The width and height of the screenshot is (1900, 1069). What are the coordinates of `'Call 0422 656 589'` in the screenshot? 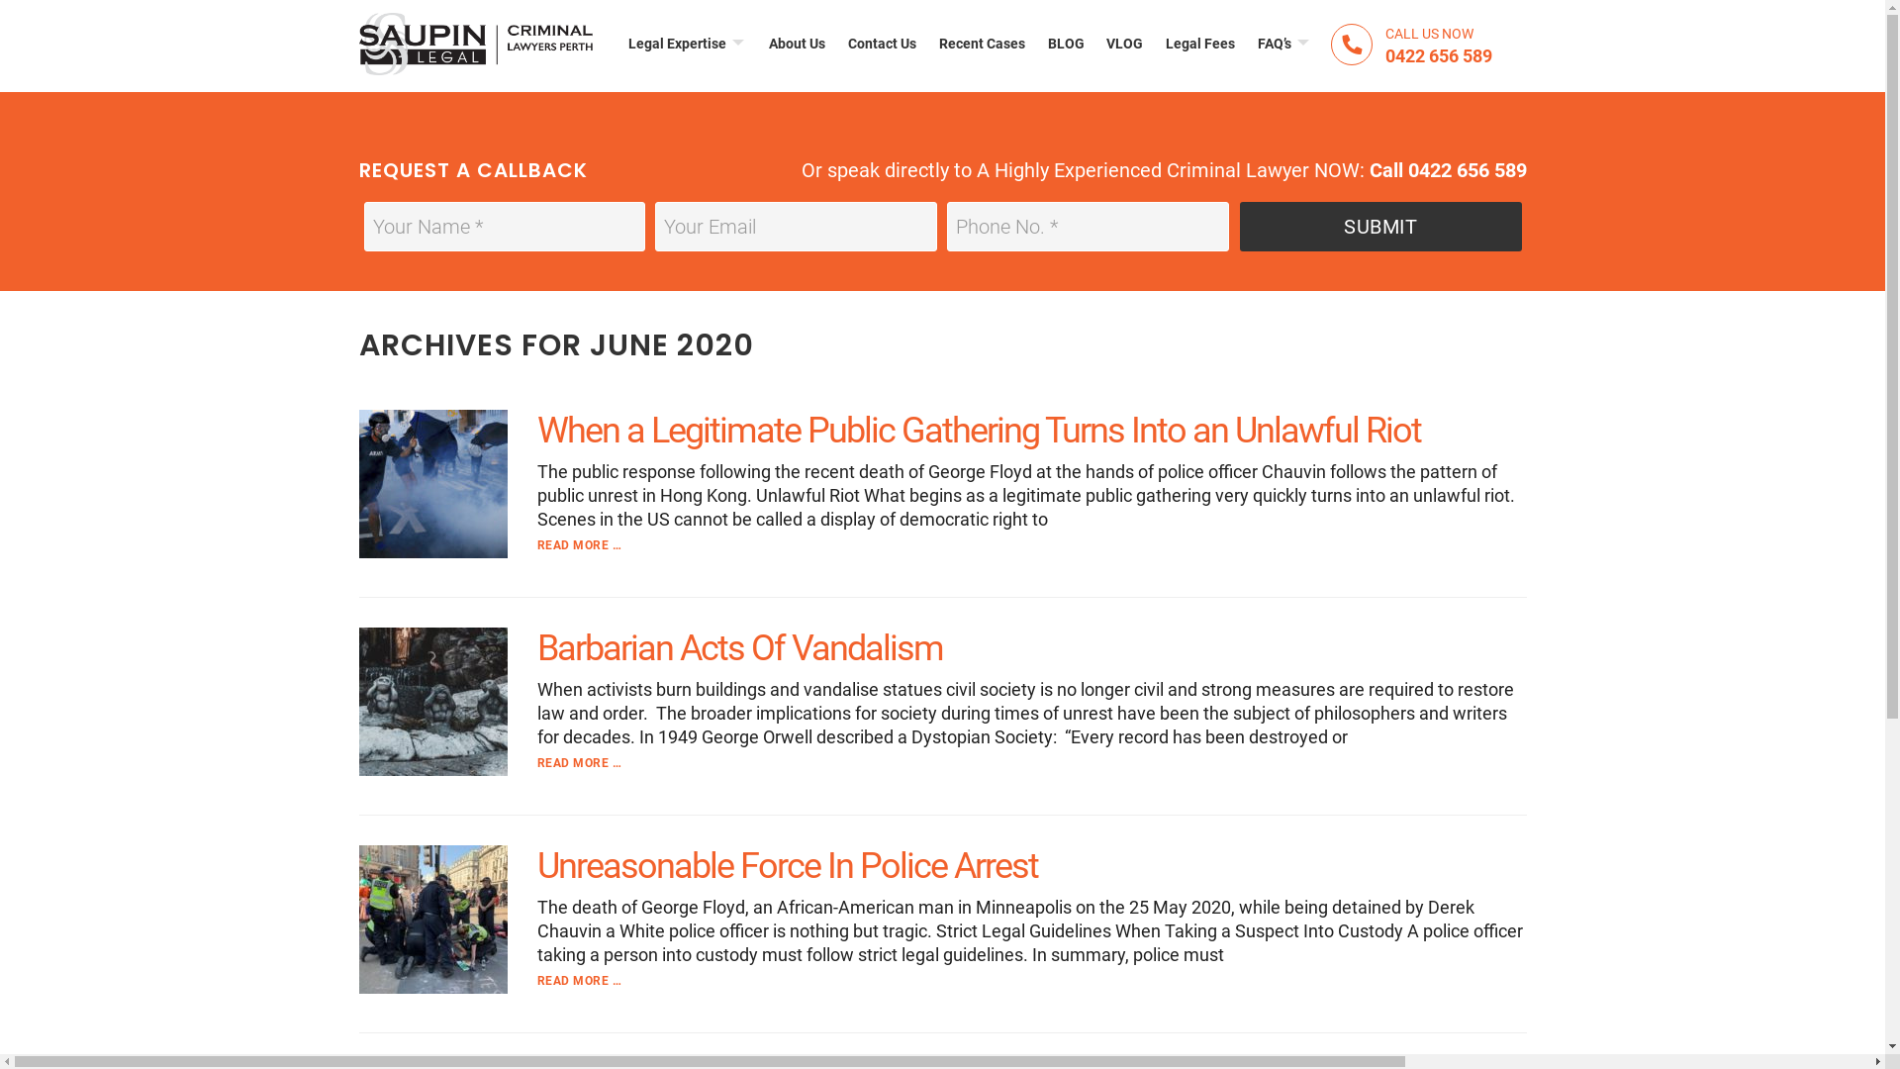 It's located at (1448, 169).